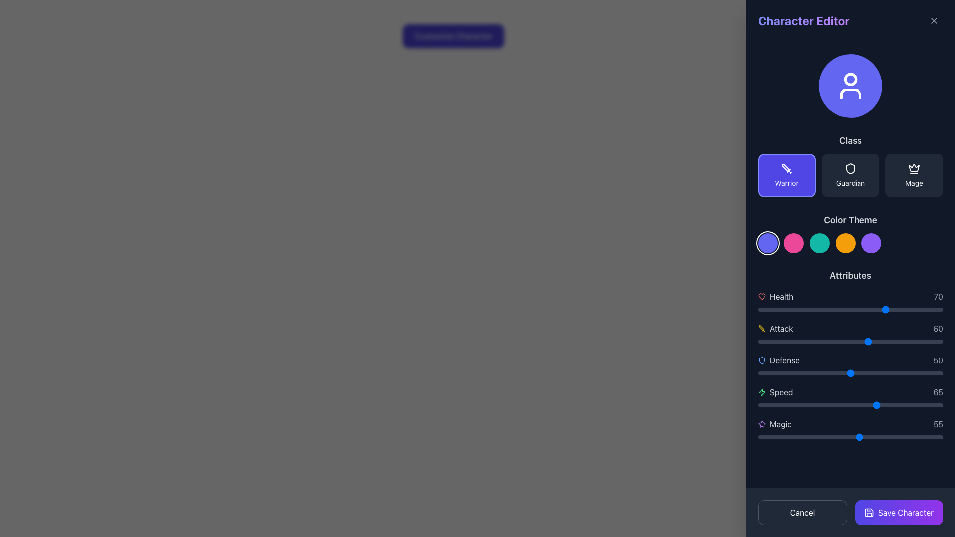  I want to click on health value, so click(926, 309).